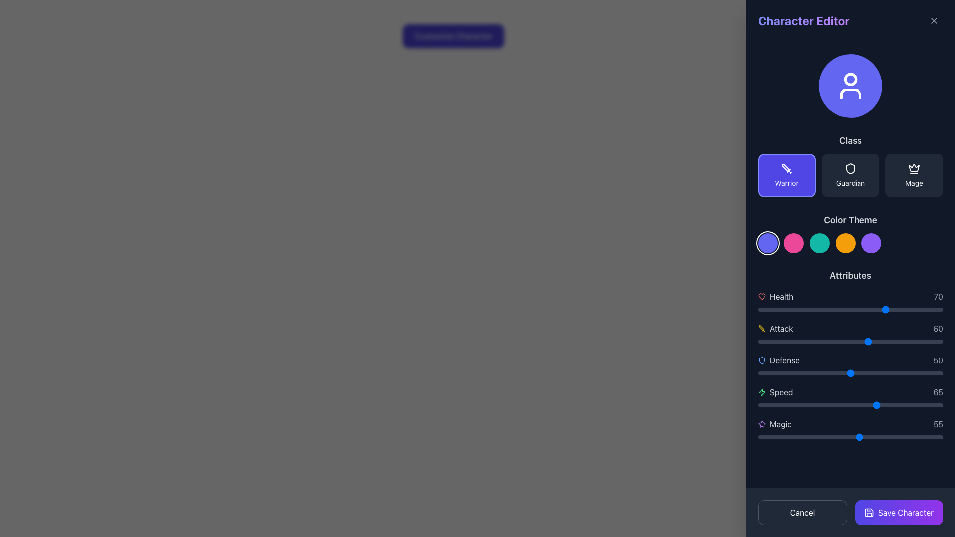  I want to click on health value, so click(926, 309).